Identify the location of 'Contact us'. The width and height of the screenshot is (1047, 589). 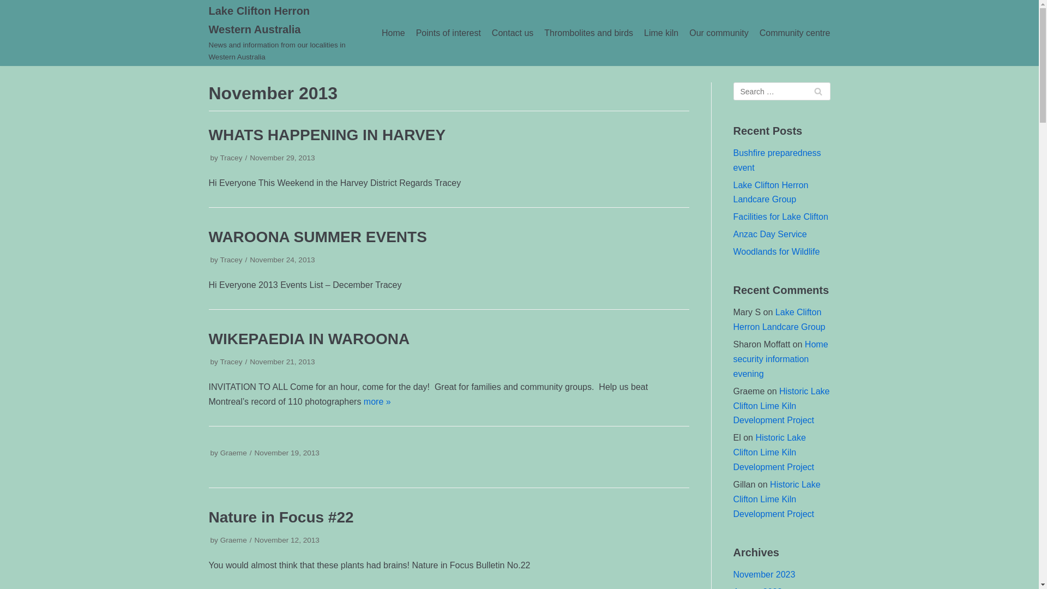
(491, 33).